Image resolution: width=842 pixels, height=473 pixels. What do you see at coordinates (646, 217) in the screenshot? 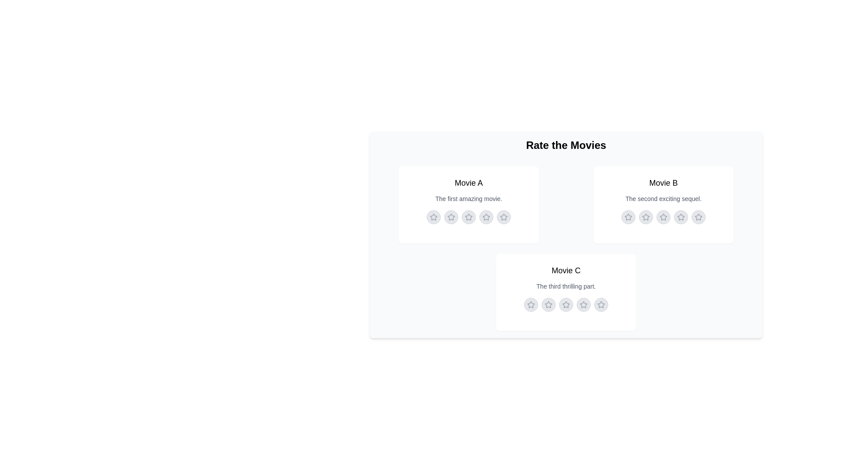
I see `the first gray hollow star icon in the group of five located under the 'Movie B' card` at bounding box center [646, 217].